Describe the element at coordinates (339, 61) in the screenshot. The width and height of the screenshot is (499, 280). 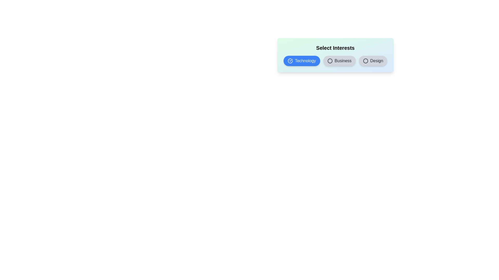
I see `the tag Business` at that location.